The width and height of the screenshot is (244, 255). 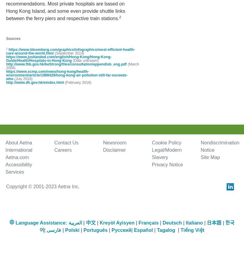 I want to click on 'Copyright © 2001-2023 Aetna Inc.', so click(x=43, y=186).